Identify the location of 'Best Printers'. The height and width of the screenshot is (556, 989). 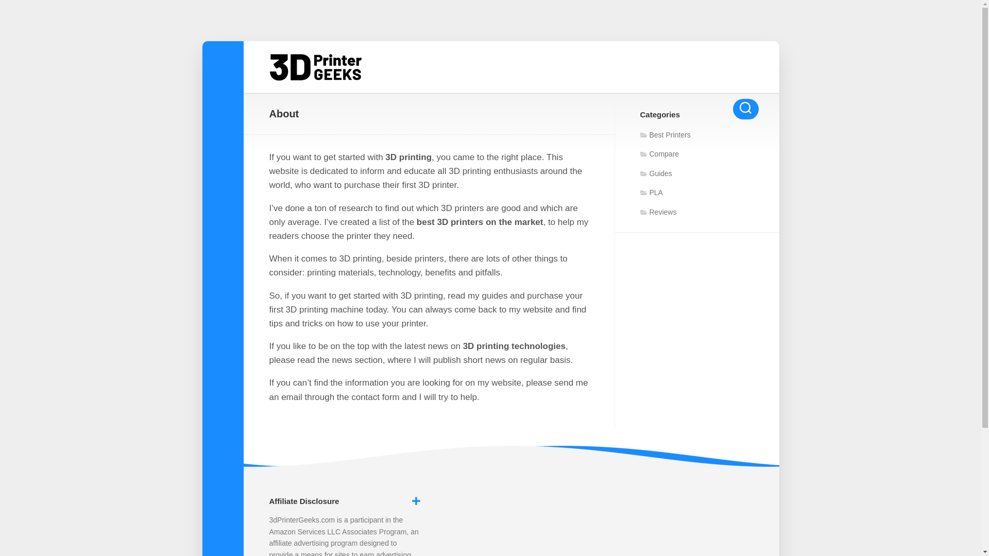
(665, 134).